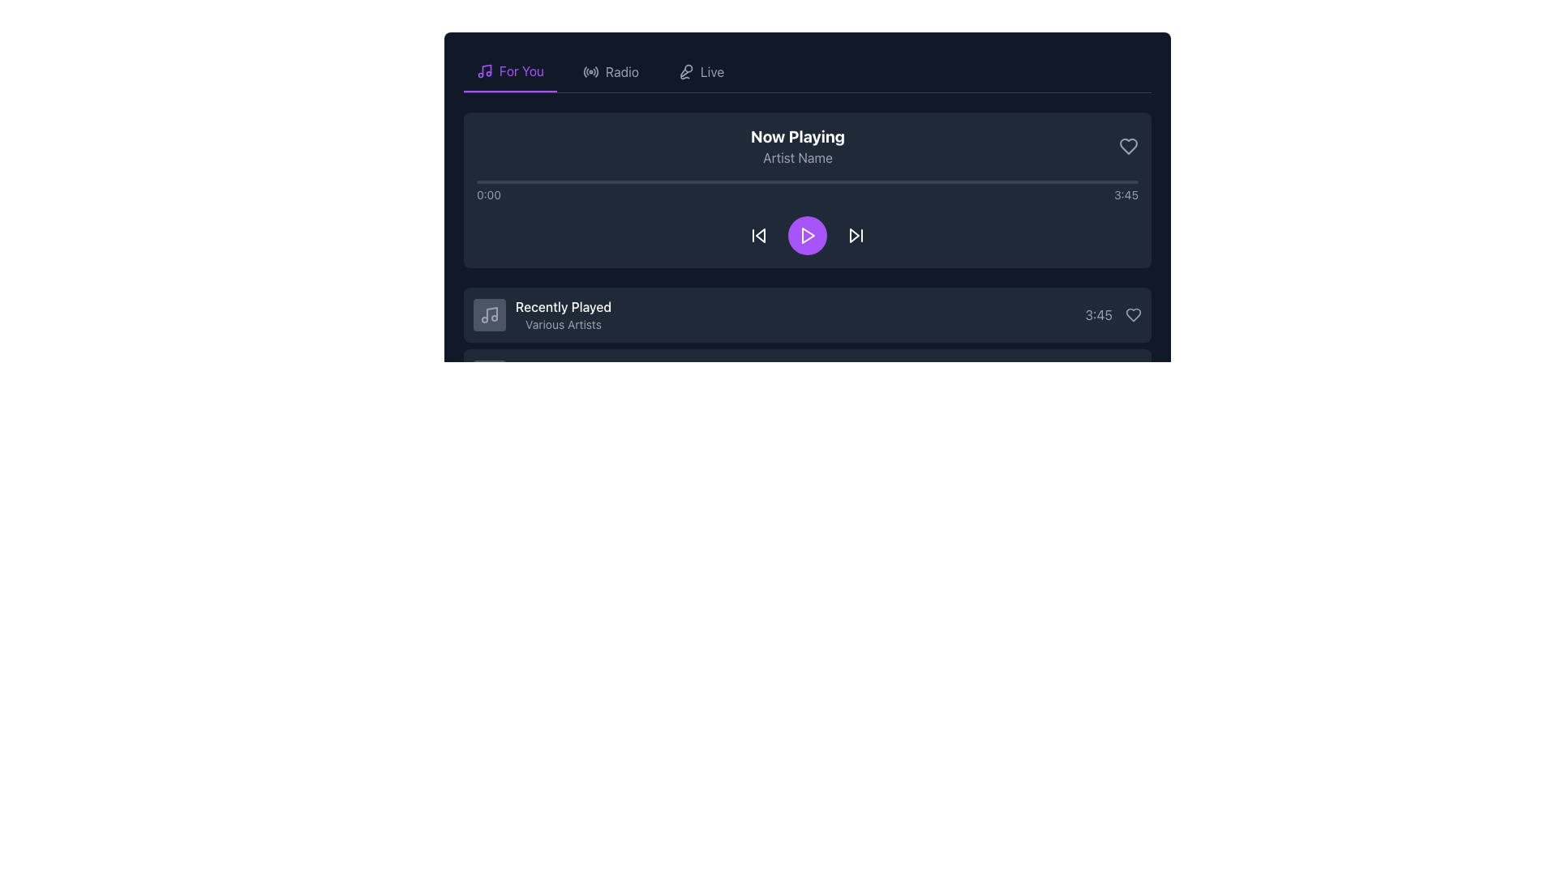  Describe the element at coordinates (621, 70) in the screenshot. I see `the 'Radio' label at the top of the page` at that location.